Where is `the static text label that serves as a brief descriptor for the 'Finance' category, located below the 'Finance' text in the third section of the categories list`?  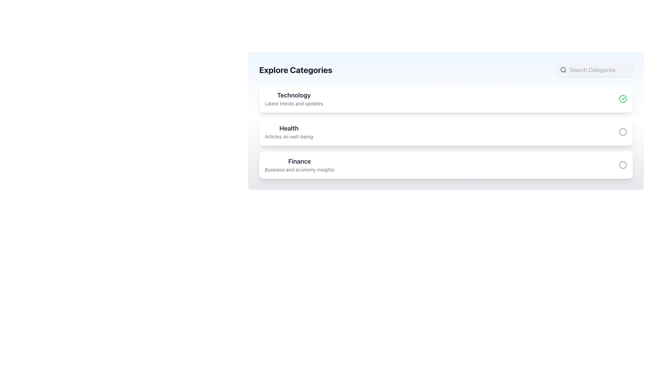
the static text label that serves as a brief descriptor for the 'Finance' category, located below the 'Finance' text in the third section of the categories list is located at coordinates (300, 170).